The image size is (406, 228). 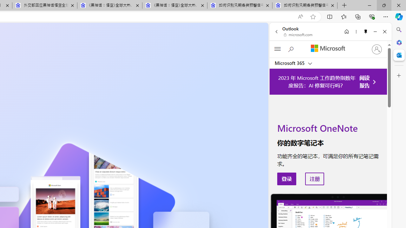 I want to click on 'Unpin side pane', so click(x=366, y=31).